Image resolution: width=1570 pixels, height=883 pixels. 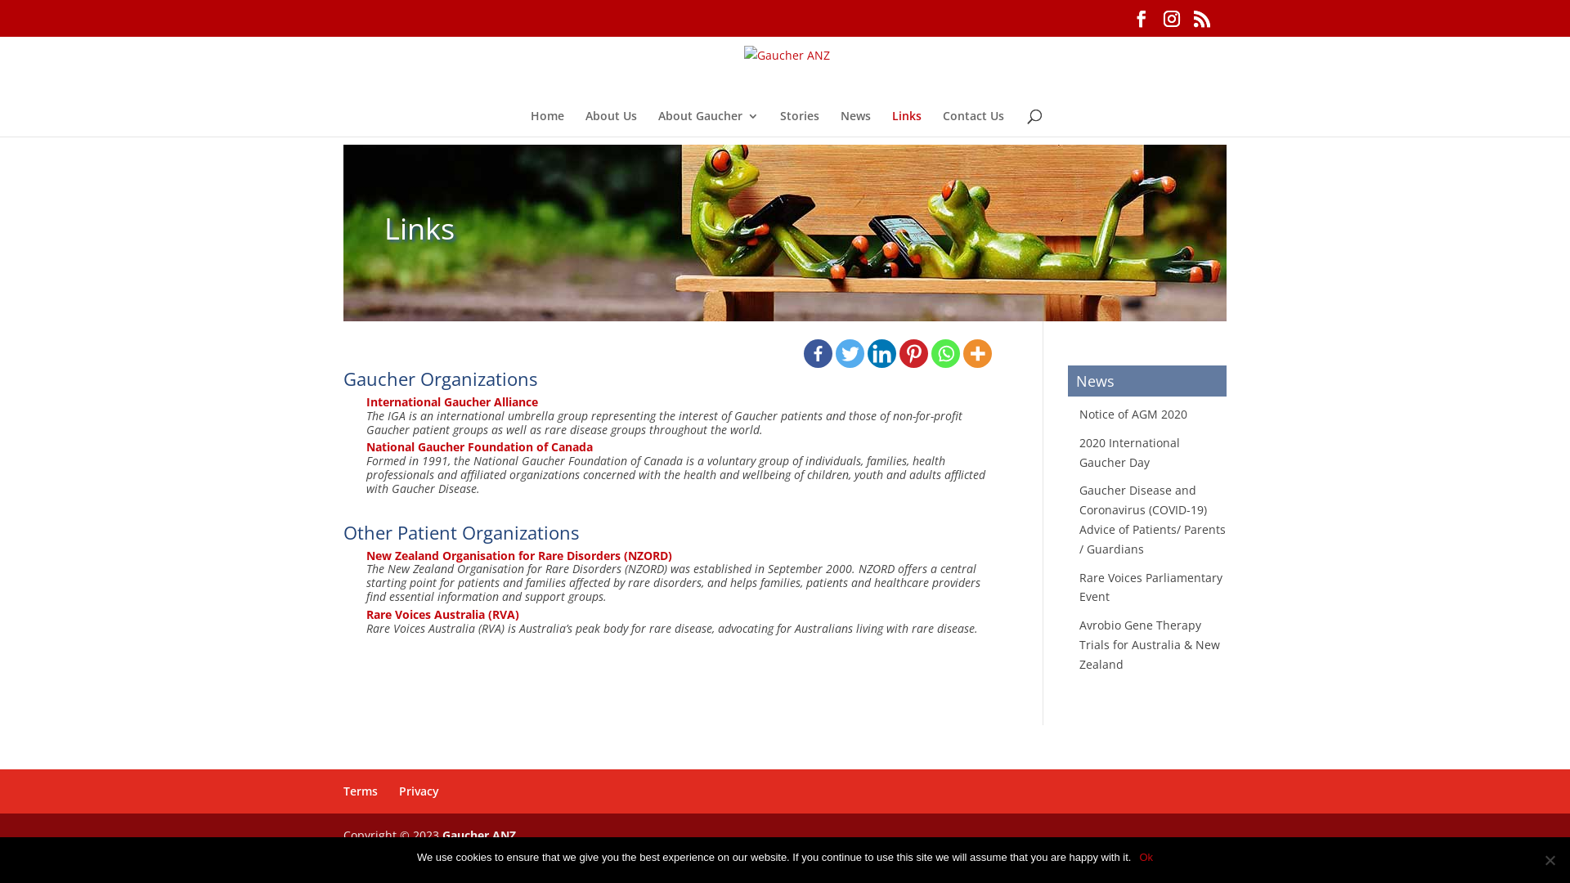 What do you see at coordinates (419, 790) in the screenshot?
I see `'Privacy'` at bounding box center [419, 790].